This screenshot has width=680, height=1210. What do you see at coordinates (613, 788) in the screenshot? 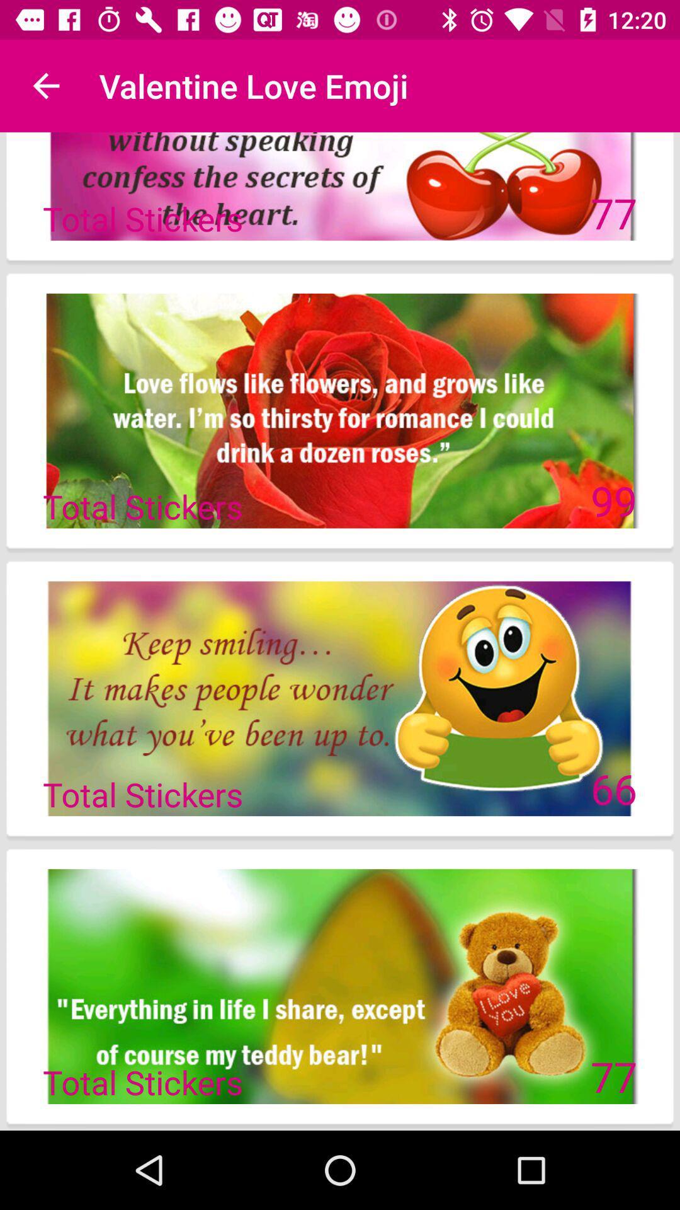
I see `item to the right of the total stickers icon` at bounding box center [613, 788].